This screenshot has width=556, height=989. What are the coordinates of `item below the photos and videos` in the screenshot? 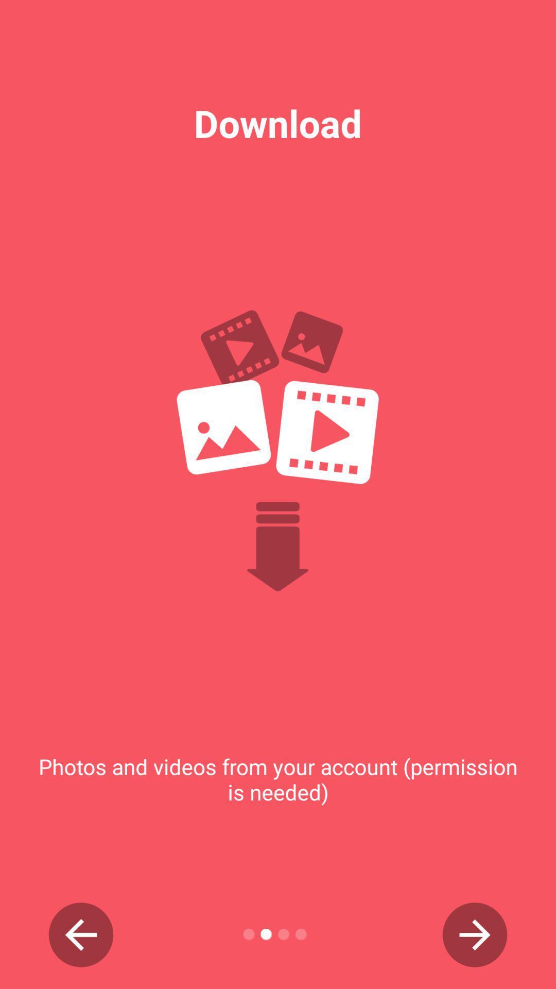 It's located at (475, 934).